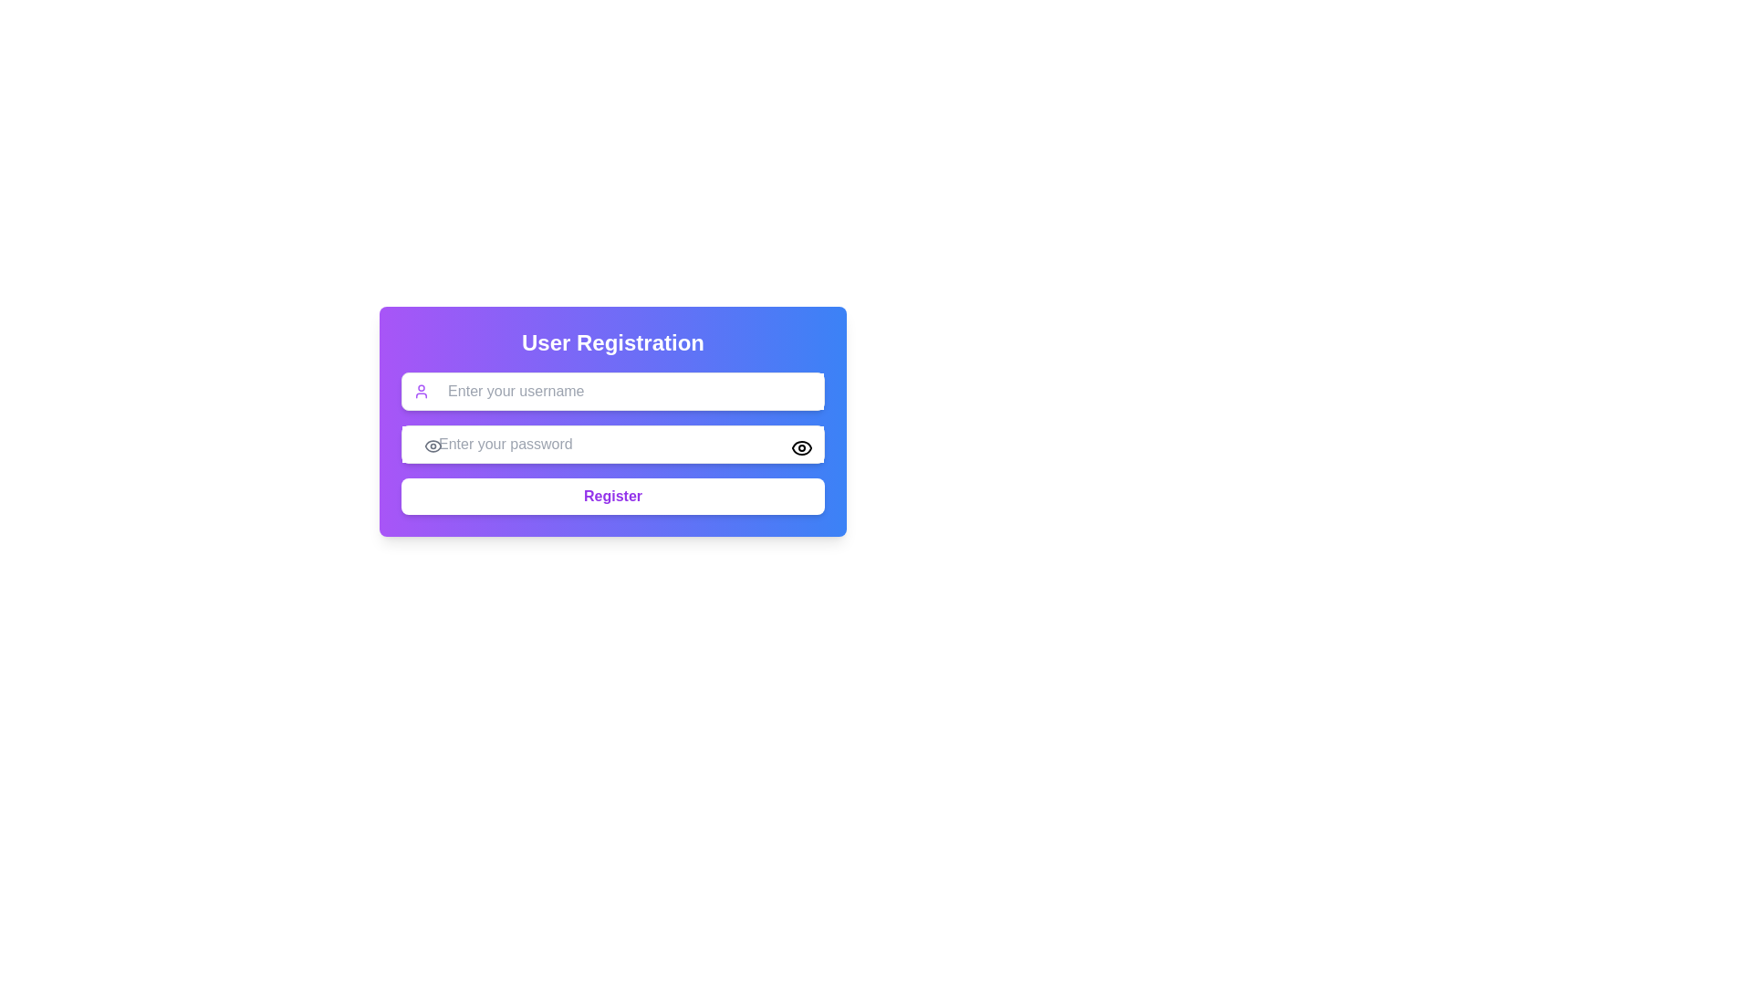  What do you see at coordinates (421, 390) in the screenshot?
I see `the user silhouette icon, which is a small purple icon located to the left of the 'Enter your username' input field in the registration form` at bounding box center [421, 390].